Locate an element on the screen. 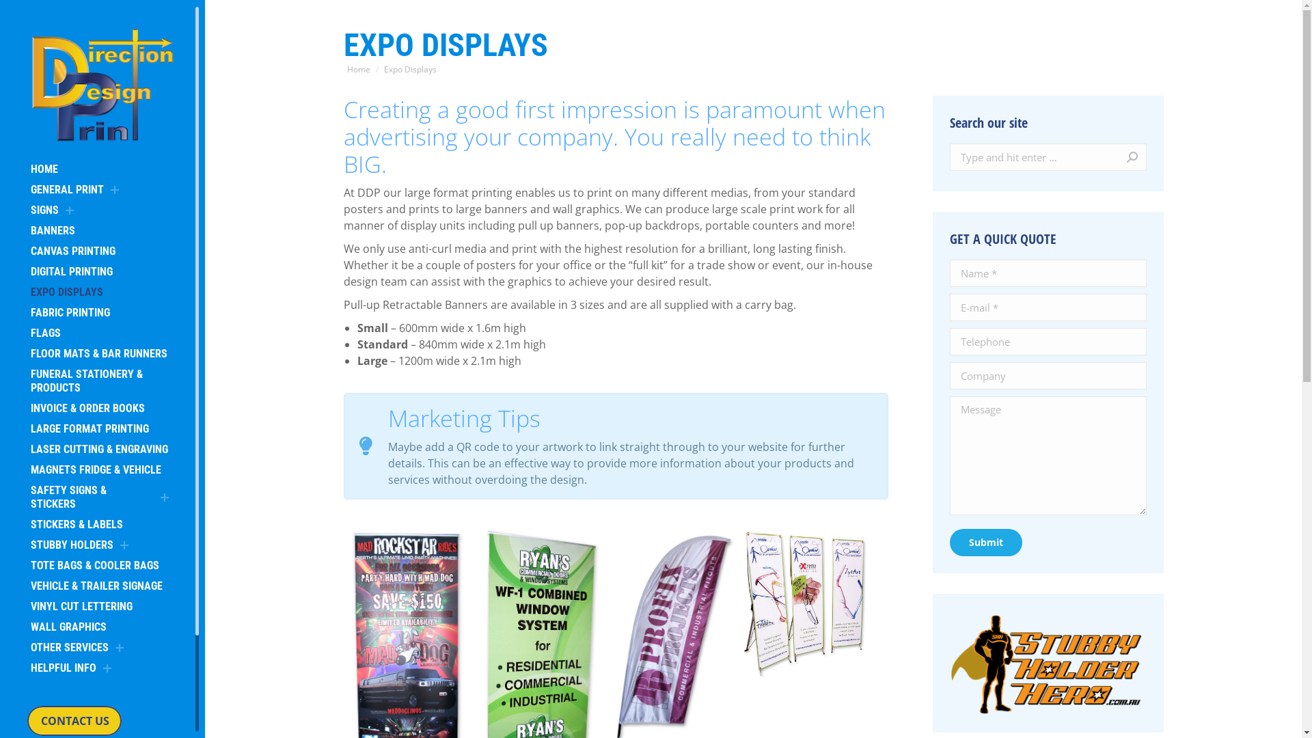 This screenshot has height=738, width=1312. 'WALL GRAPHICS' is located at coordinates (68, 627).